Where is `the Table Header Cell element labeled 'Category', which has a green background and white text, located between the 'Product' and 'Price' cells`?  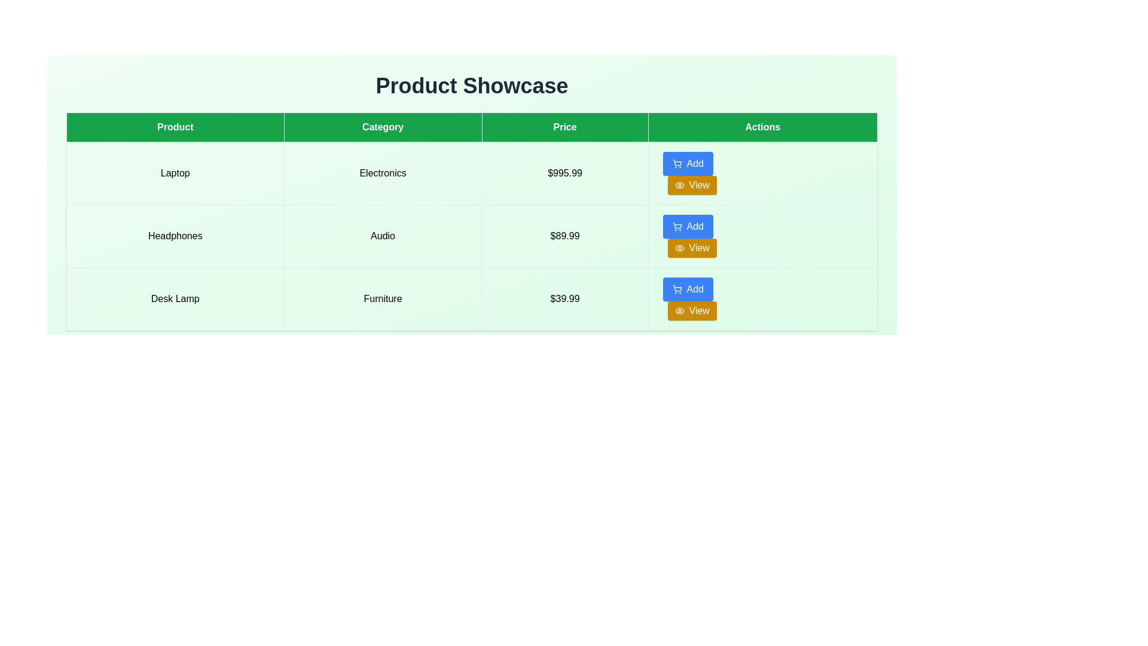
the Table Header Cell element labeled 'Category', which has a green background and white text, located between the 'Product' and 'Price' cells is located at coordinates (383, 127).